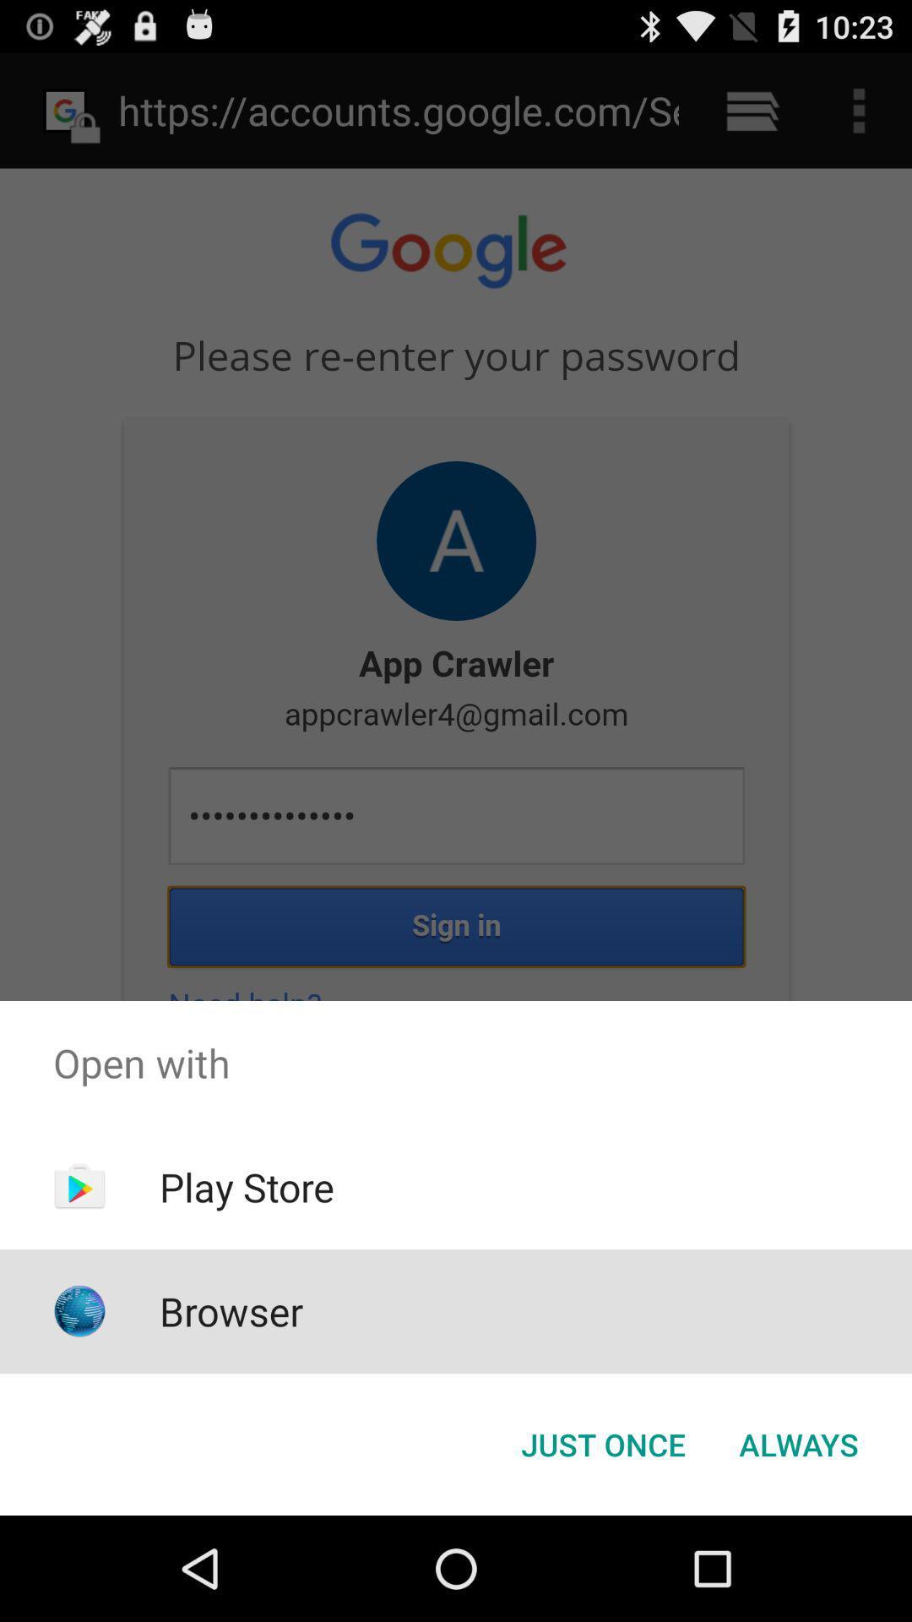 The width and height of the screenshot is (912, 1622). What do you see at coordinates (602, 1443) in the screenshot?
I see `button at the bottom` at bounding box center [602, 1443].